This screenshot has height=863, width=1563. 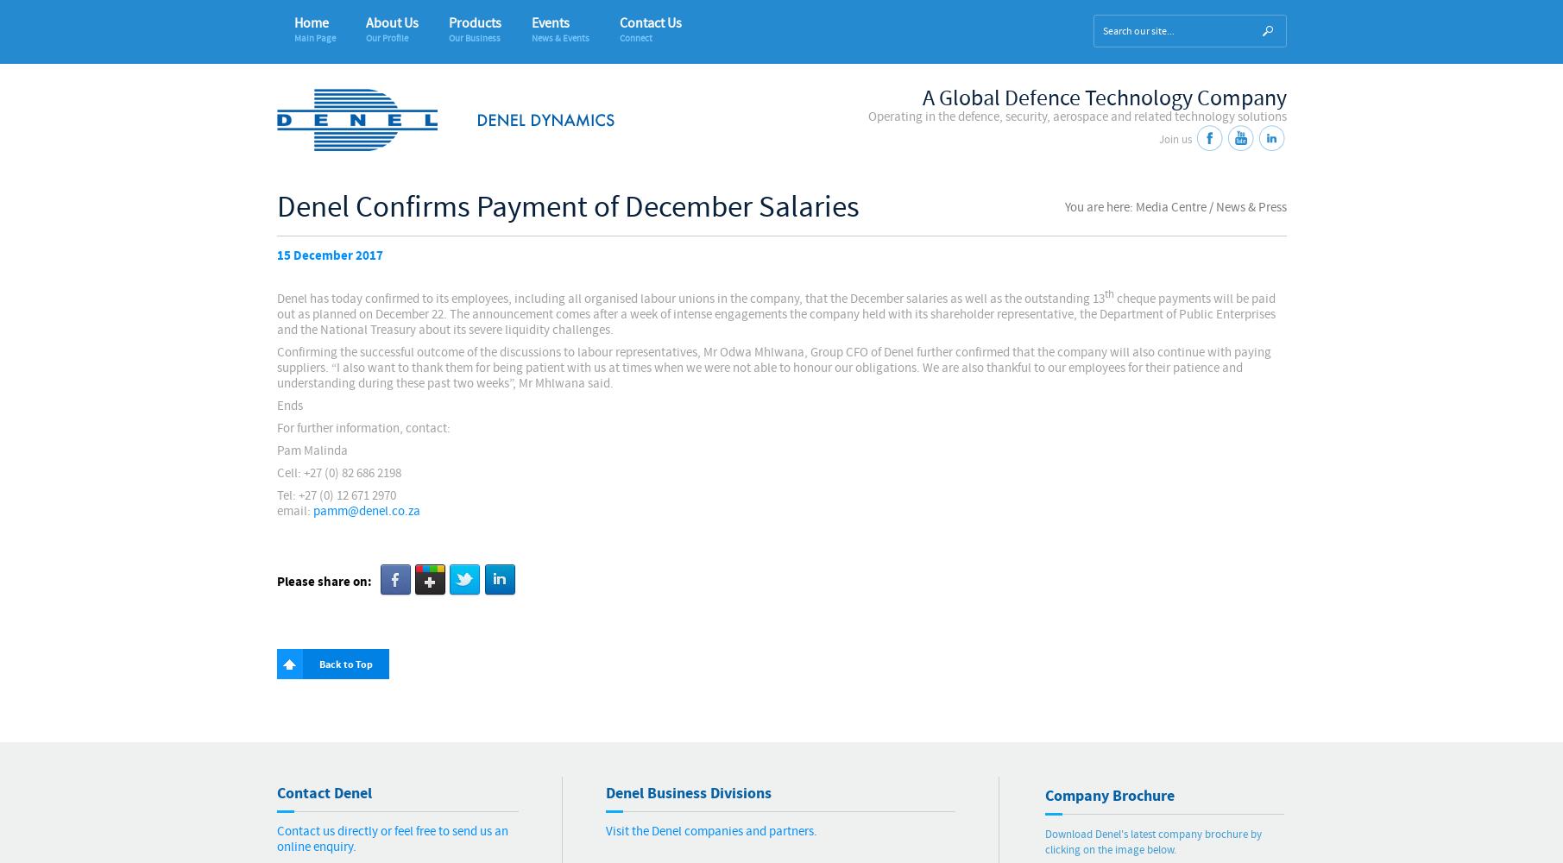 I want to click on 'Denel Business Divisions', so click(x=687, y=793).